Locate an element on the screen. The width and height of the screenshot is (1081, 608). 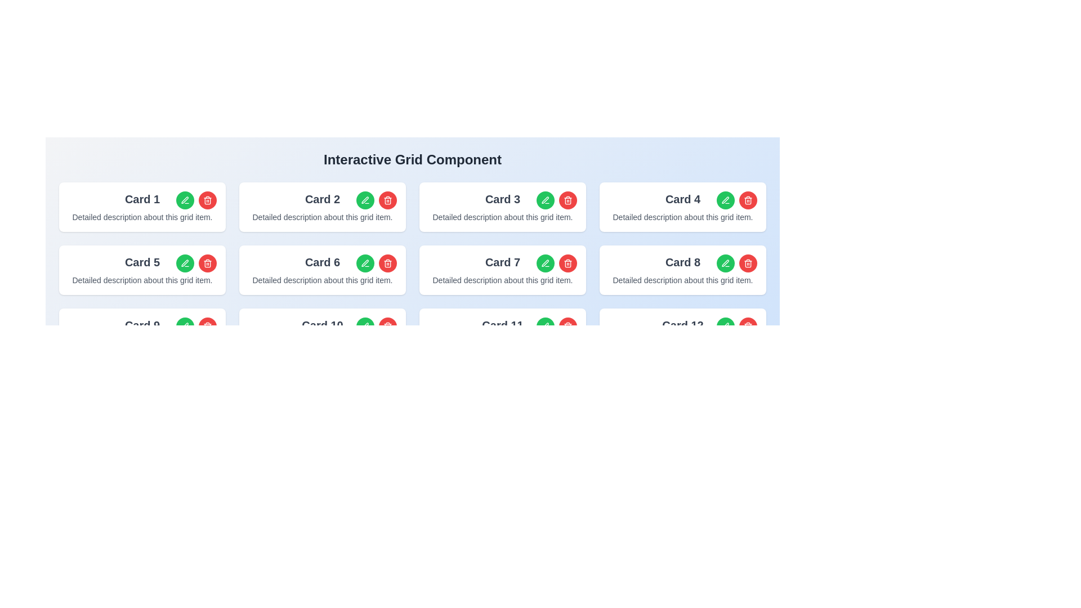
the edit button located at the top right corner of 'Card 1' is located at coordinates (185, 199).